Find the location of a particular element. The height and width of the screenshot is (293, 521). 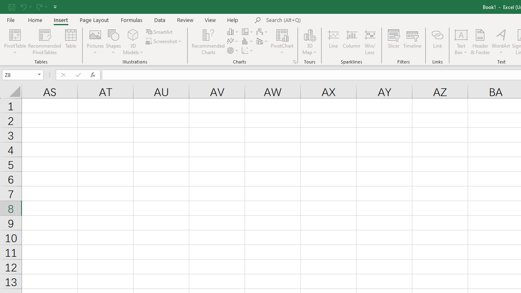

'Column' is located at coordinates (352, 42).